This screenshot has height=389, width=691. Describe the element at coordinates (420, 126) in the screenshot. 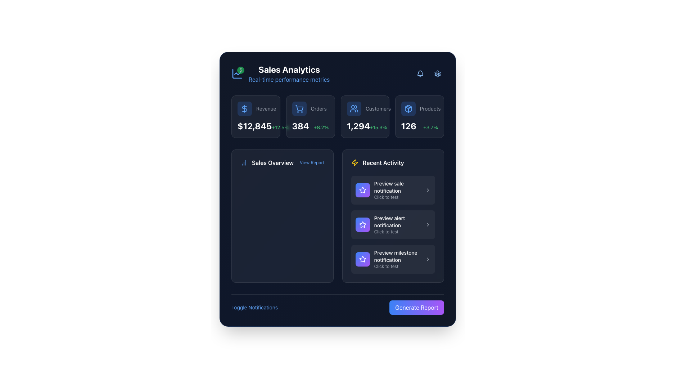

I see `metrics displayed in the text element showing '126' and '+3.7%' within the 'Products' card for understanding insights` at that location.